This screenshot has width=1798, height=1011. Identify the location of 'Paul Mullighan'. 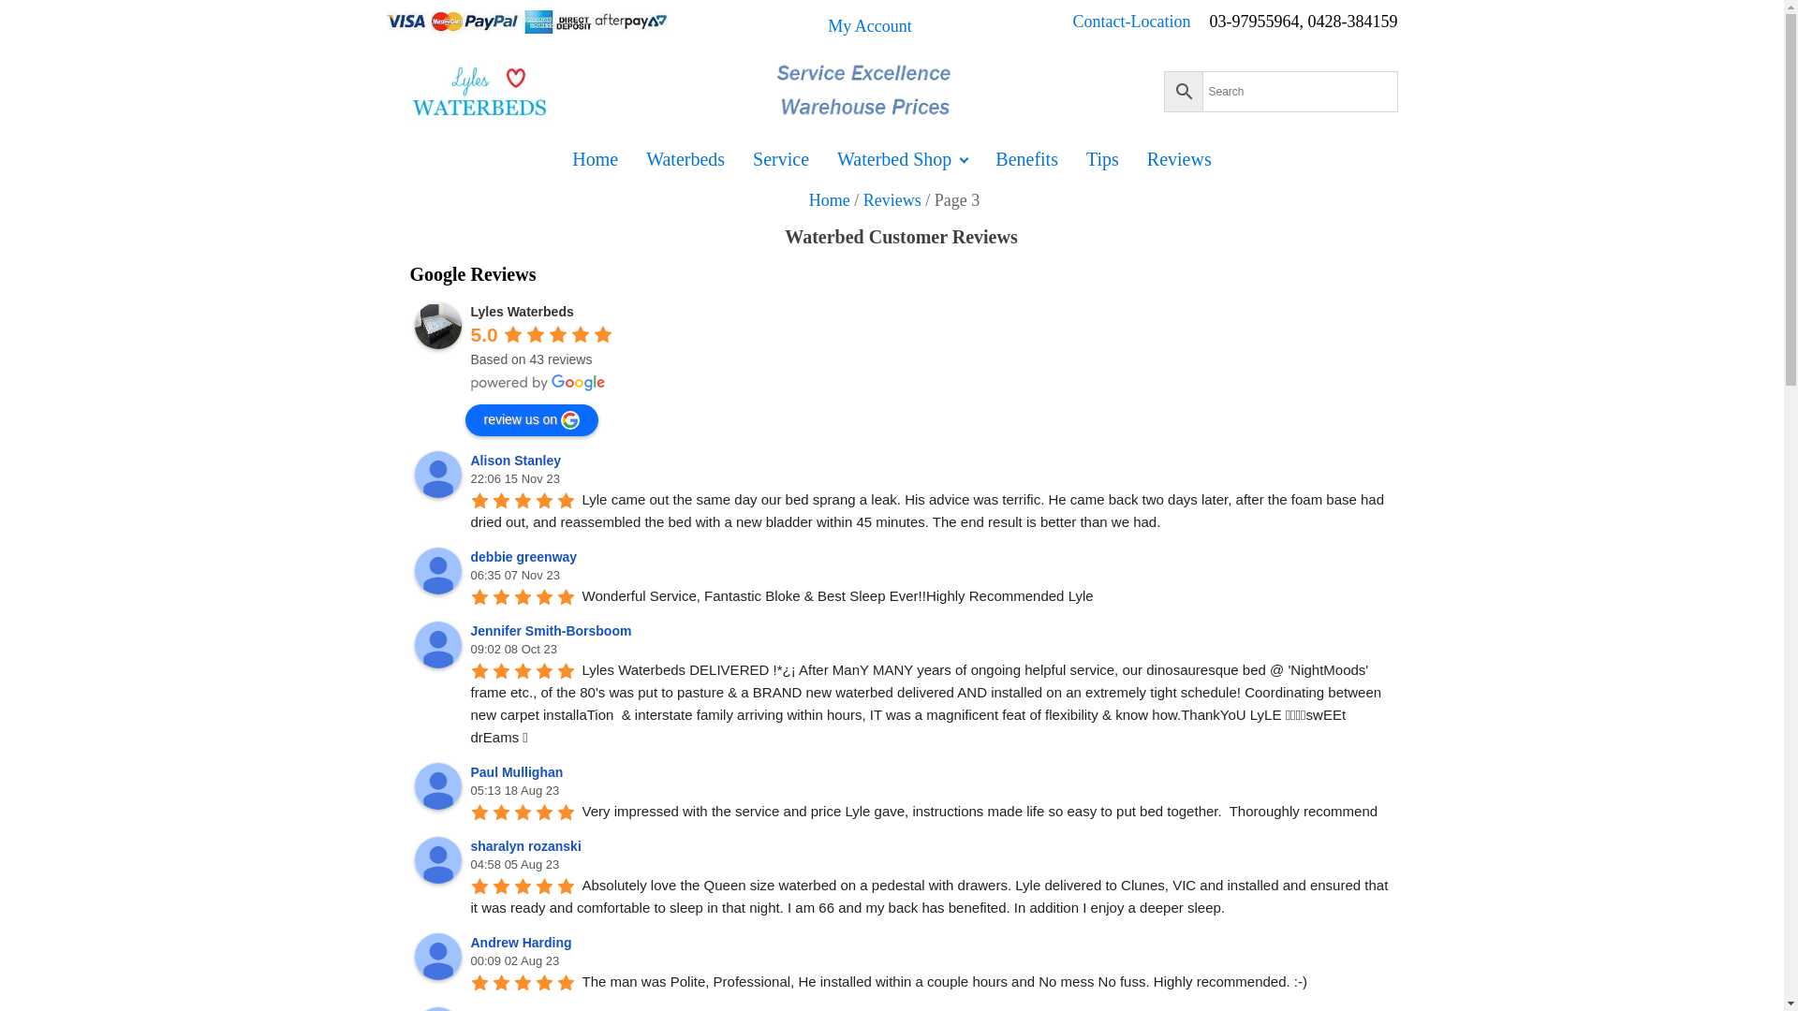
(470, 772).